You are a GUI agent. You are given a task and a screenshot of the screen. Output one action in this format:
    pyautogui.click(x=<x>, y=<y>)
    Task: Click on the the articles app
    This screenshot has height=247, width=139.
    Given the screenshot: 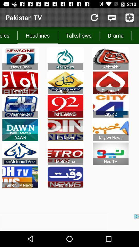 What is the action you would take?
    pyautogui.click(x=8, y=35)
    